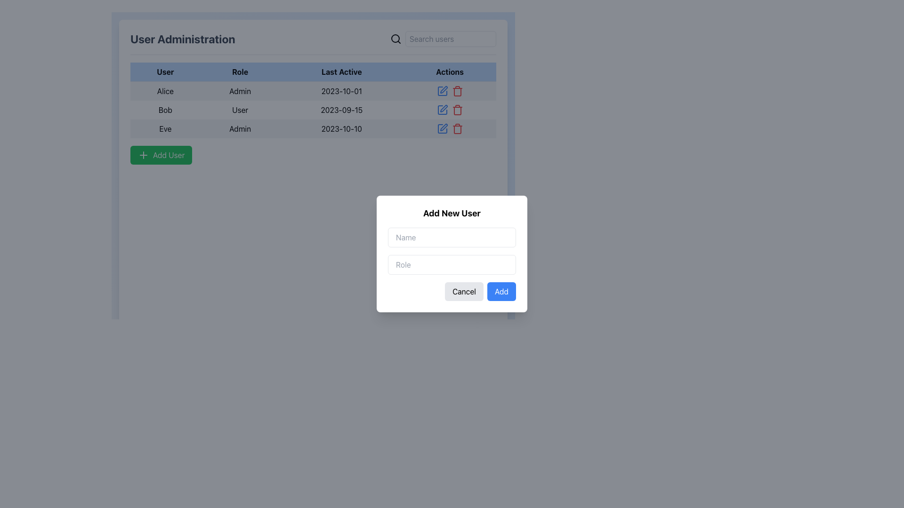  I want to click on the input field of the search bar located in the top-right section of the 'User Administration' panel to focus on it, so click(443, 39).